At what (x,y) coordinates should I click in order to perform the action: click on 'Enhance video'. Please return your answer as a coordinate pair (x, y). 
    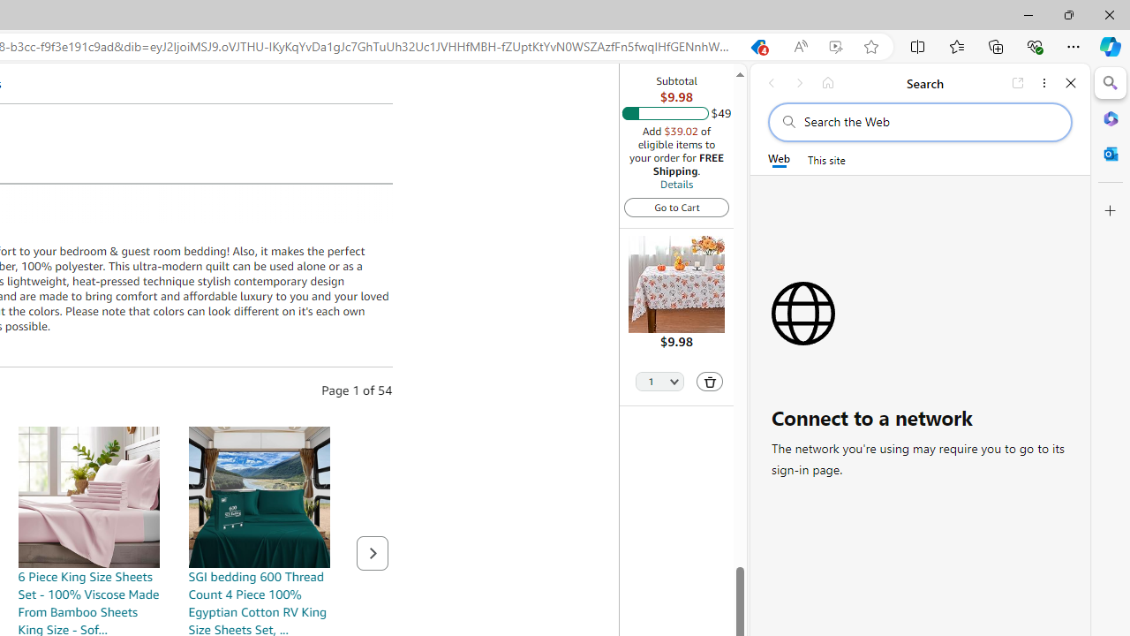
    Looking at the image, I should click on (834, 46).